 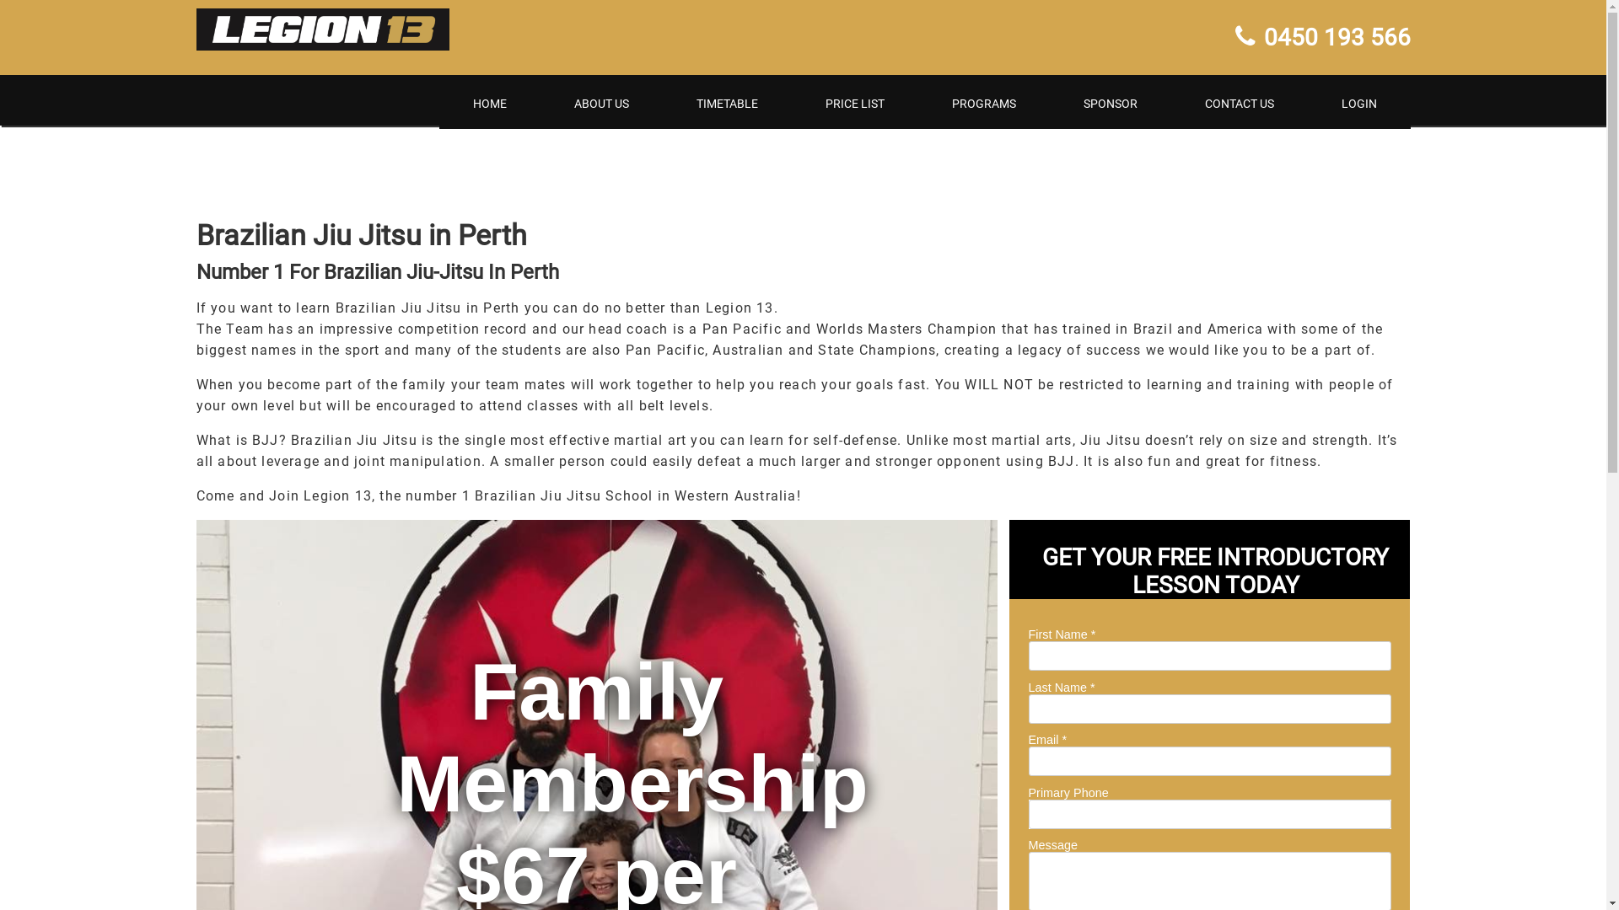 I want to click on 'LOGIN', so click(x=1358, y=104).